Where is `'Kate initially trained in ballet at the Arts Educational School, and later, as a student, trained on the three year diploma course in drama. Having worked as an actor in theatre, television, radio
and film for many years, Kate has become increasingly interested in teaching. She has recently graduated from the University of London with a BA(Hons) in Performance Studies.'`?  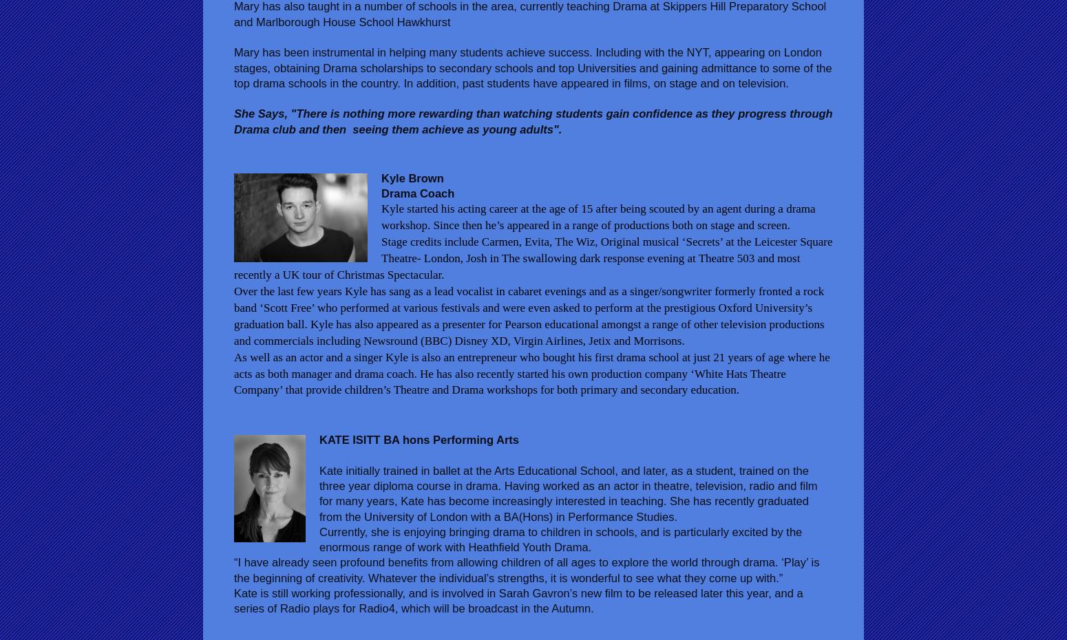 'Kate initially trained in ballet at the Arts Educational School, and later, as a student, trained on the three year diploma course in drama. Having worked as an actor in theatre, television, radio
and film for many years, Kate has become increasingly interested in teaching. She has recently graduated from the University of London with a BA(Hons) in Performance Studies.' is located at coordinates (567, 493).